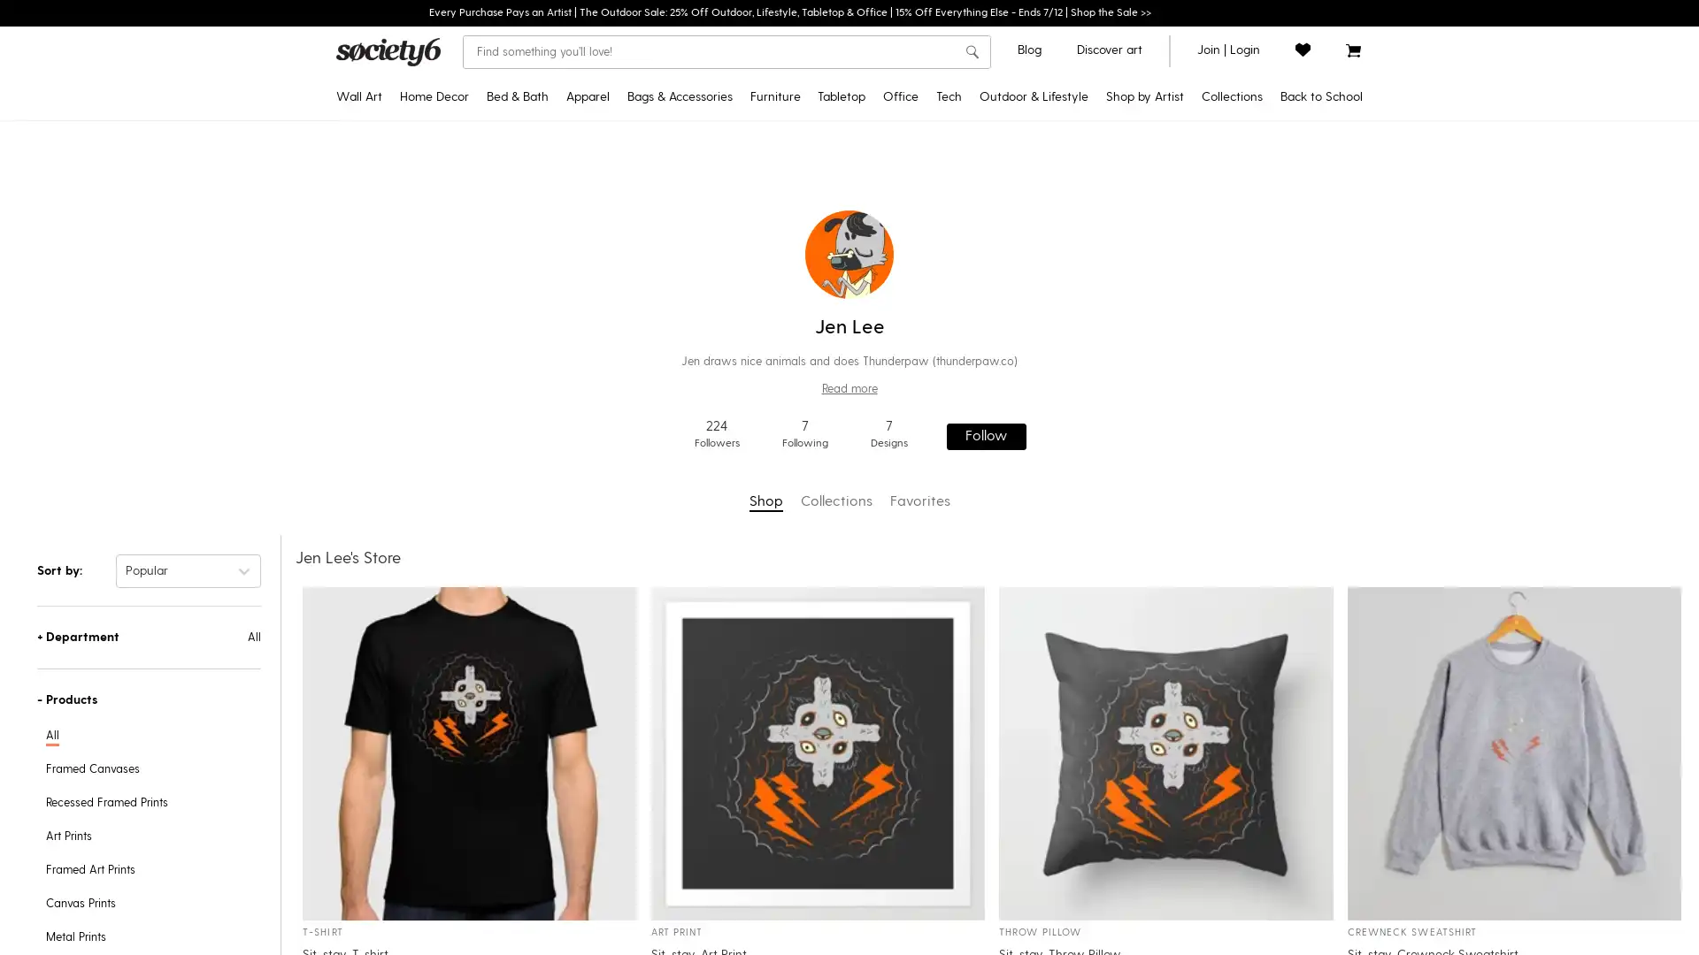 This screenshot has width=1699, height=955. What do you see at coordinates (1011, 340) in the screenshot?
I see `Apple Watch Bands` at bounding box center [1011, 340].